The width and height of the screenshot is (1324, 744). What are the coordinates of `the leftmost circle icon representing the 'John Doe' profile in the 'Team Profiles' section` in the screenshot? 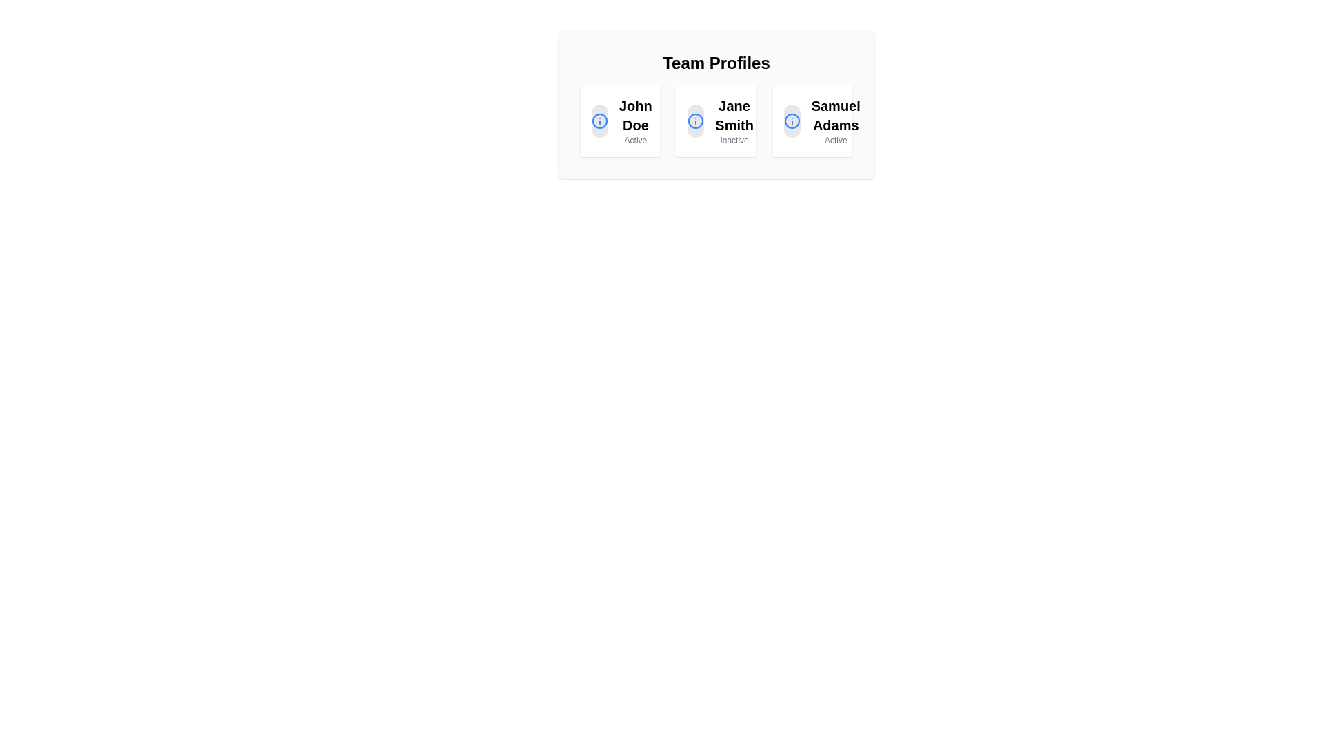 It's located at (599, 121).